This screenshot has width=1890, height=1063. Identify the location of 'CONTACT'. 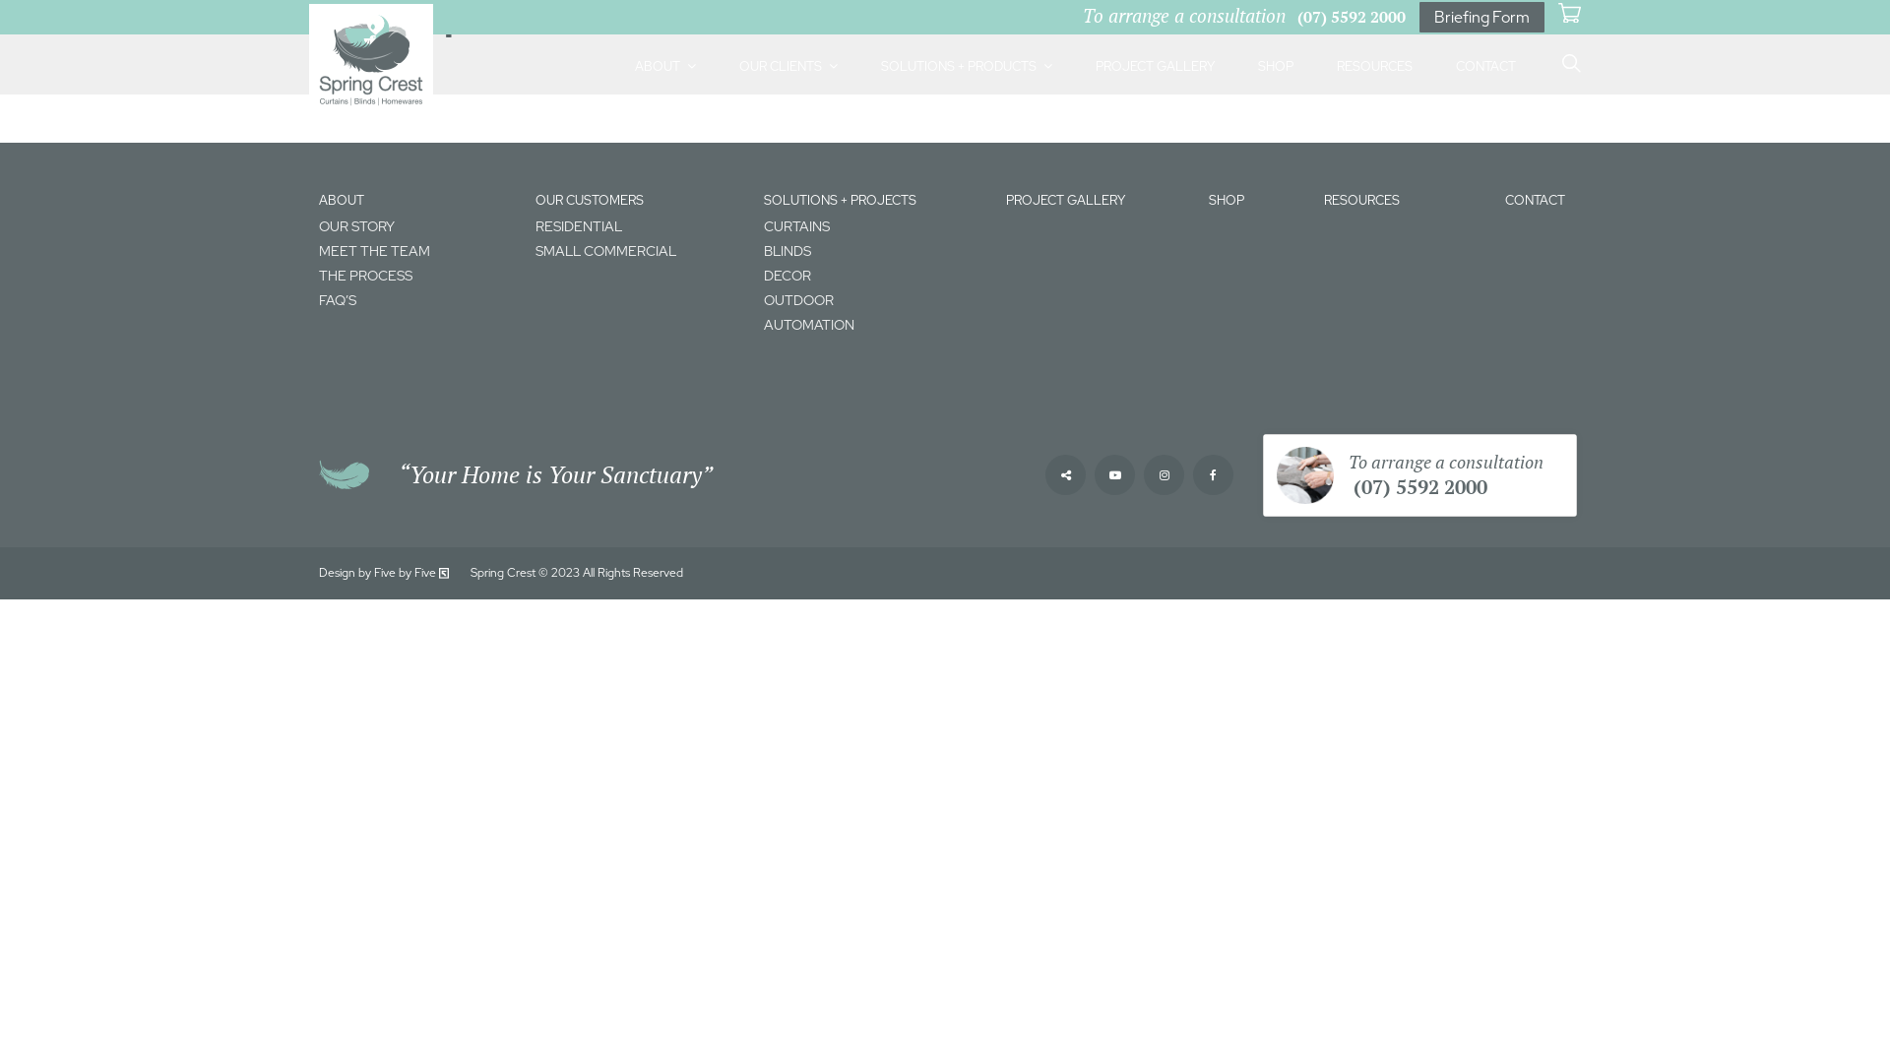
(1534, 200).